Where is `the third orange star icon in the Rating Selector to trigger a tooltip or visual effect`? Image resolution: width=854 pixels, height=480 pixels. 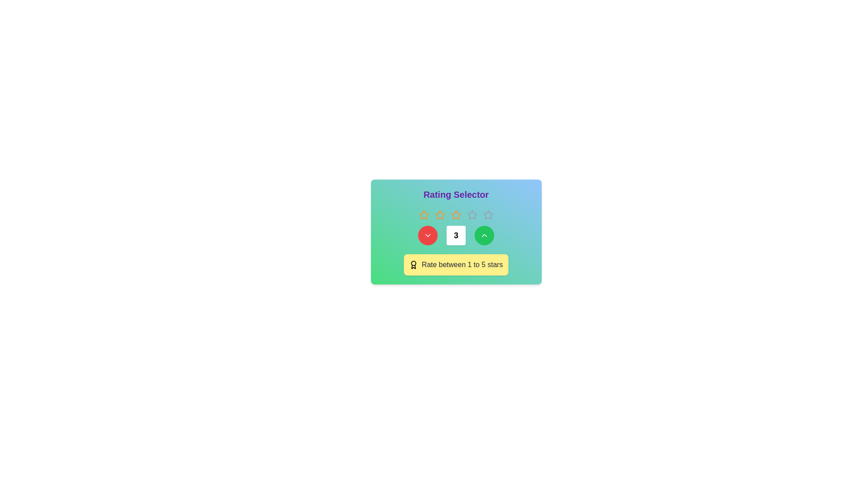 the third orange star icon in the Rating Selector to trigger a tooltip or visual effect is located at coordinates (456, 215).